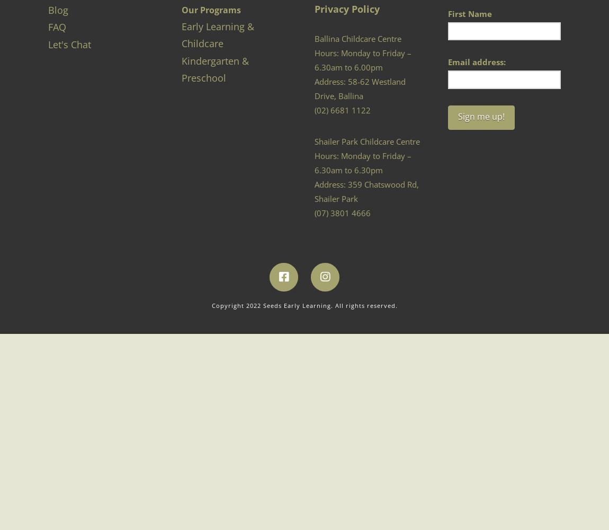  I want to click on 'Early Learning & Childcare', so click(217, 34).